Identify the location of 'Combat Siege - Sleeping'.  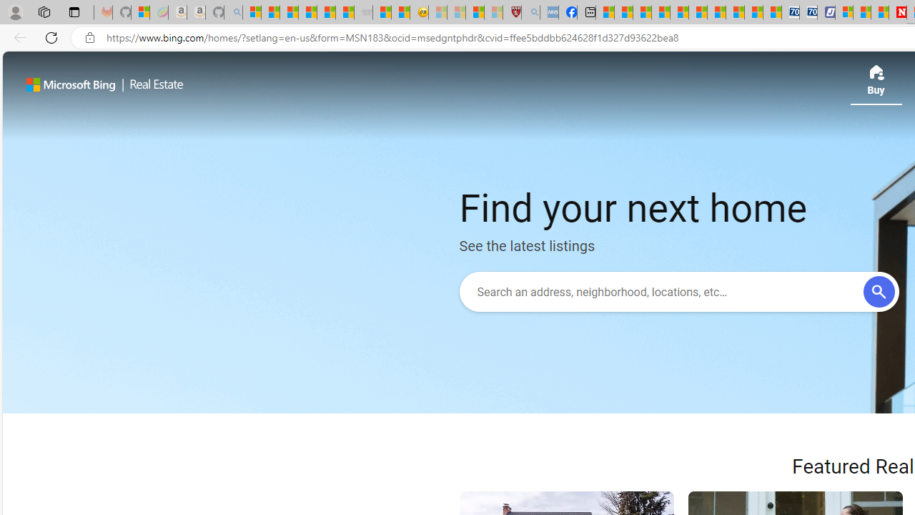
(363, 12).